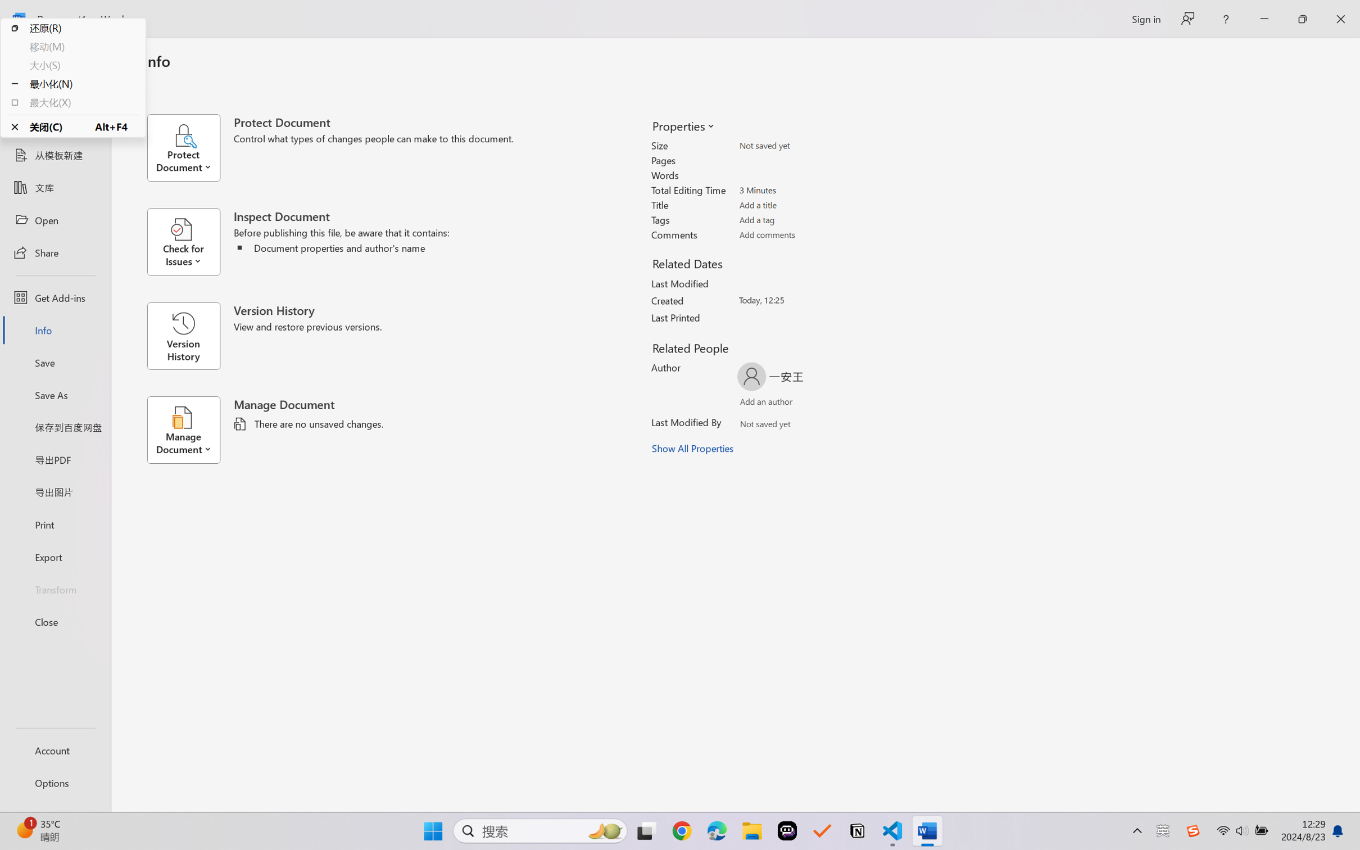 This screenshot has width=1360, height=850. What do you see at coordinates (682, 125) in the screenshot?
I see `'Properties'` at bounding box center [682, 125].